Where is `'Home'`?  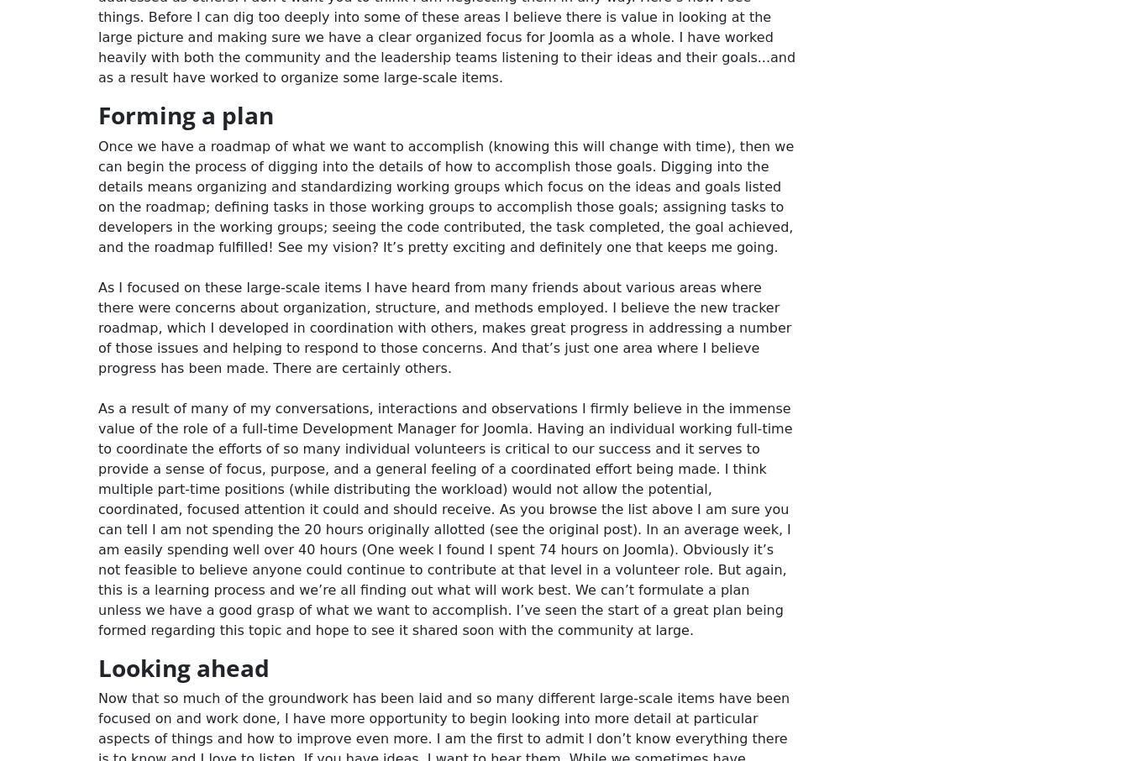 'Home' is located at coordinates (279, 45).